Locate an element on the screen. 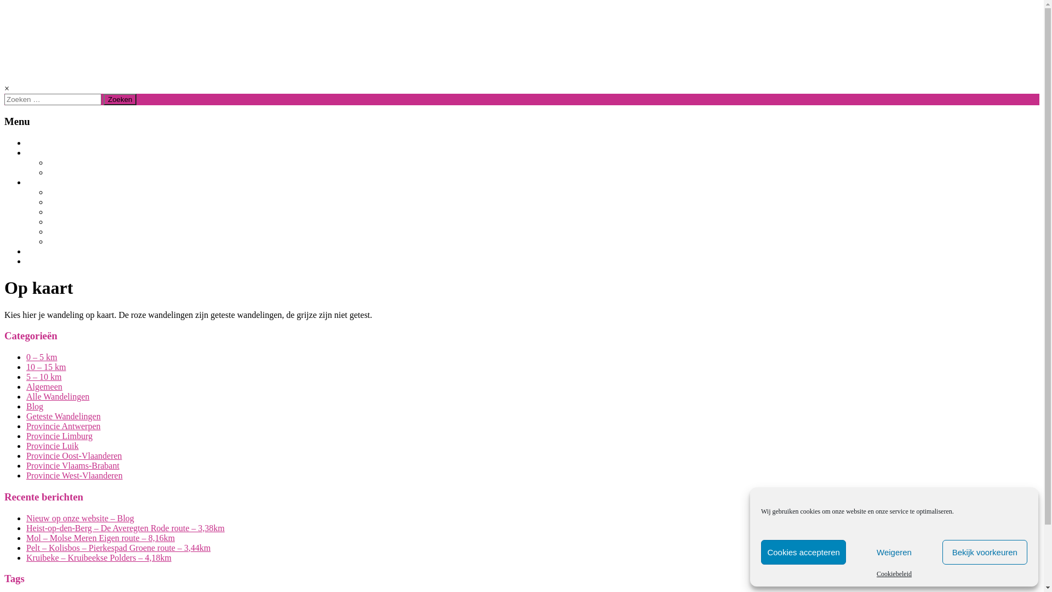 The height and width of the screenshot is (592, 1052). 'Geteste Wandelingen' is located at coordinates (26, 416).